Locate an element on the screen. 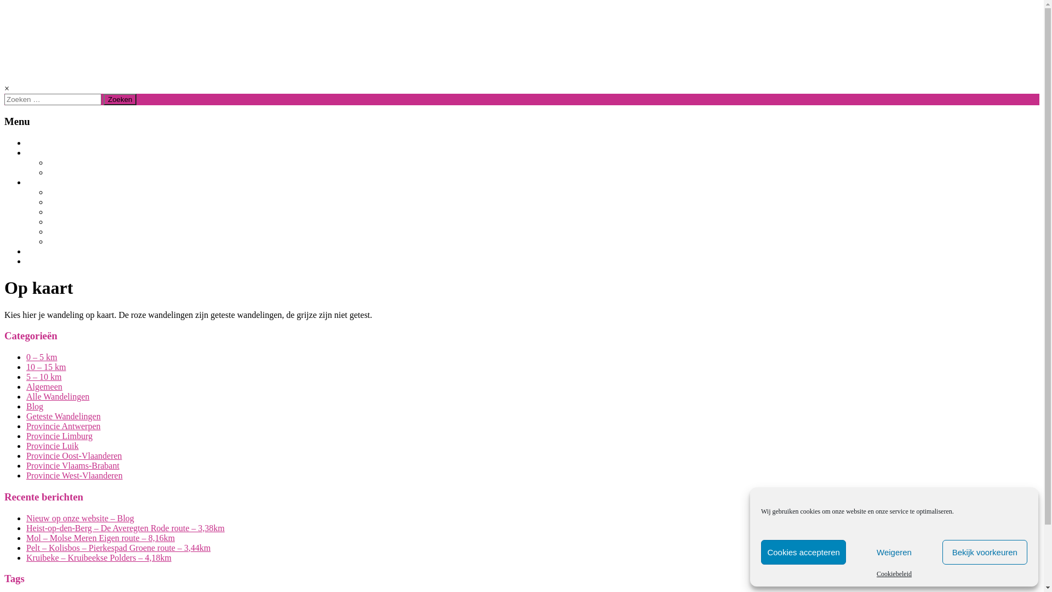 The height and width of the screenshot is (592, 1052). 'Geteste Wandelingen' is located at coordinates (26, 416).